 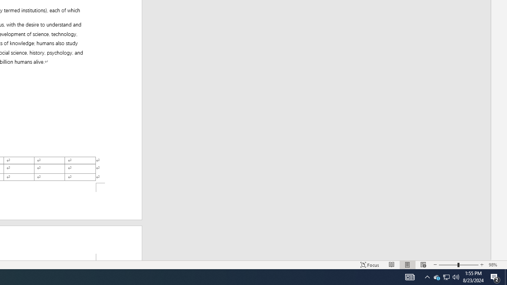 What do you see at coordinates (459, 265) in the screenshot?
I see `'Zoom'` at bounding box center [459, 265].